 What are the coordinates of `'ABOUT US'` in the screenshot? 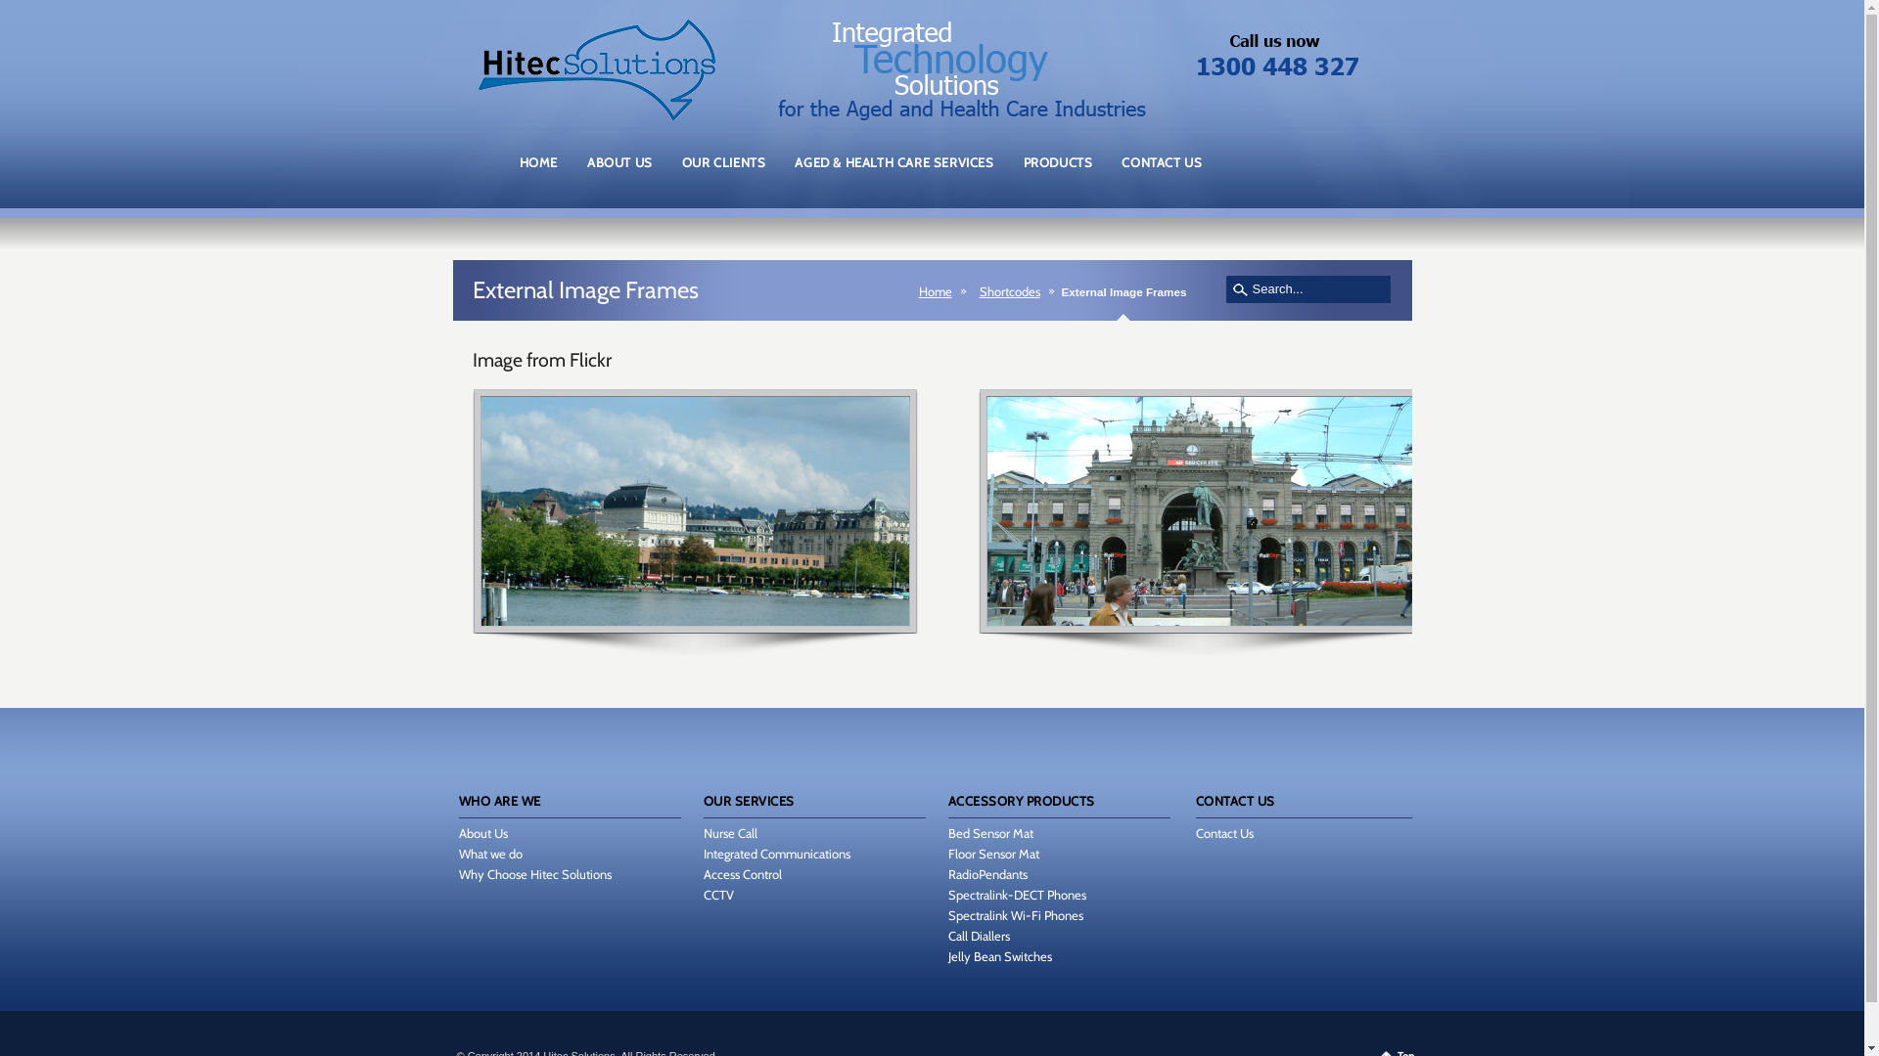 It's located at (586, 171).